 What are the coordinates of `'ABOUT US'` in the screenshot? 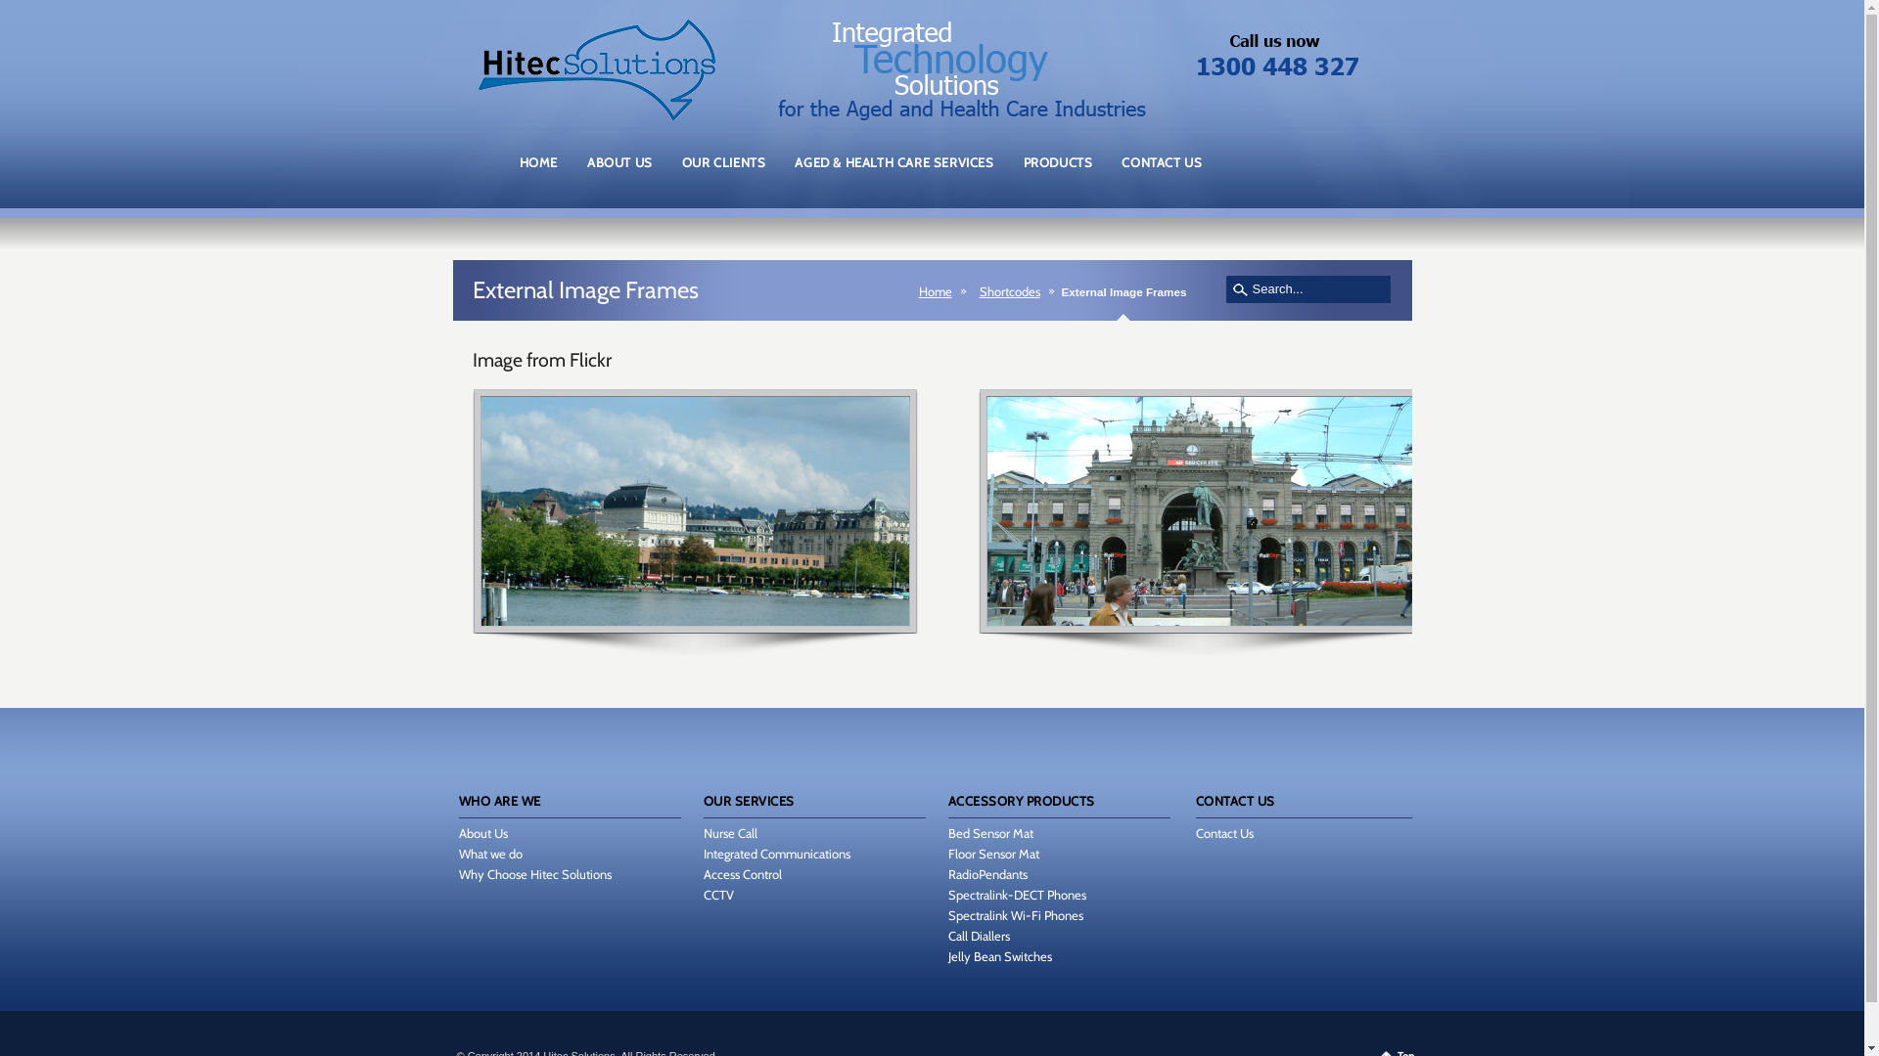 It's located at (586, 171).